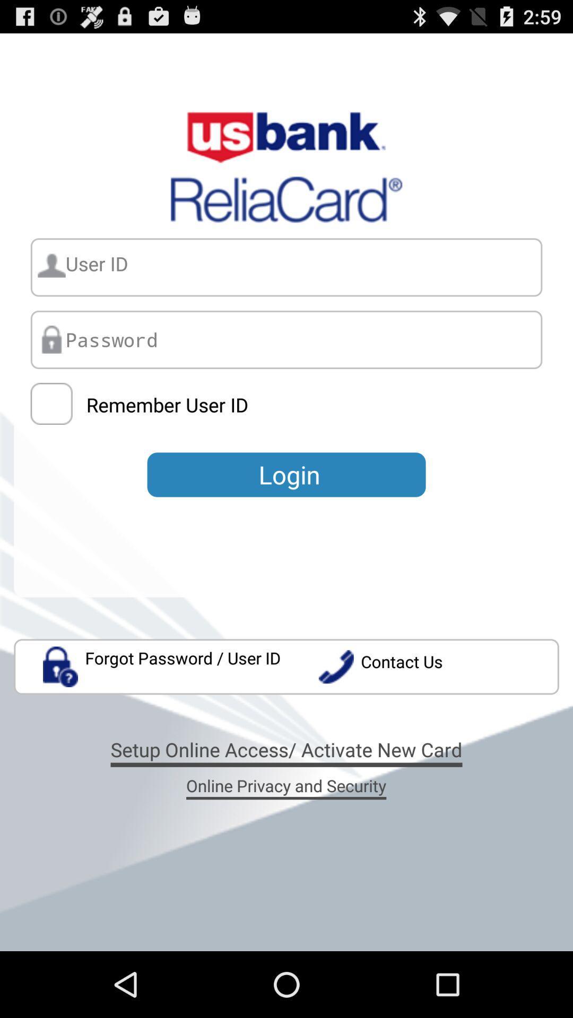 The height and width of the screenshot is (1018, 573). I want to click on the item below login icon, so click(162, 666).